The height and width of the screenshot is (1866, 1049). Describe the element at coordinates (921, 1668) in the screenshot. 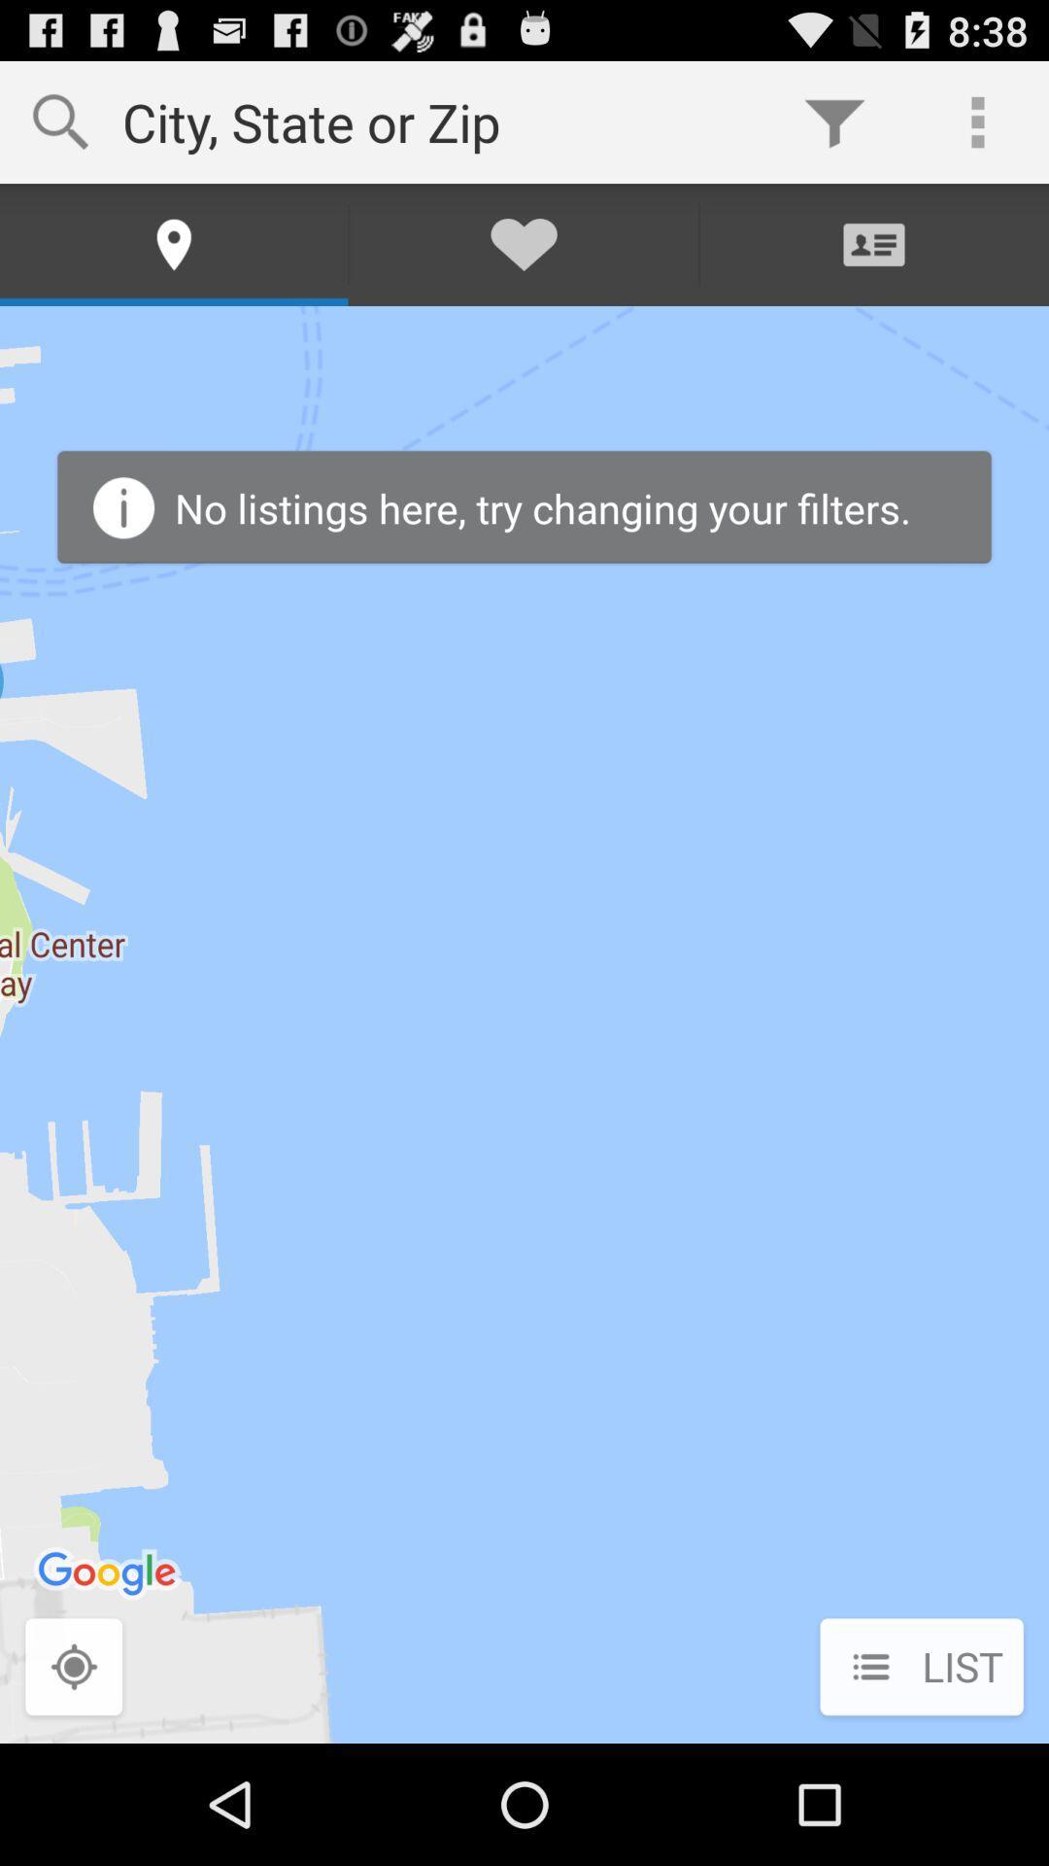

I see `the item below no listings here item` at that location.